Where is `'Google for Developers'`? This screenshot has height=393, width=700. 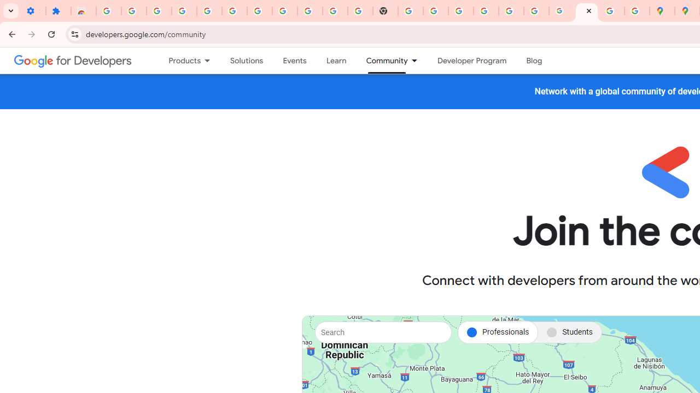 'Google for Developers' is located at coordinates (72, 60).